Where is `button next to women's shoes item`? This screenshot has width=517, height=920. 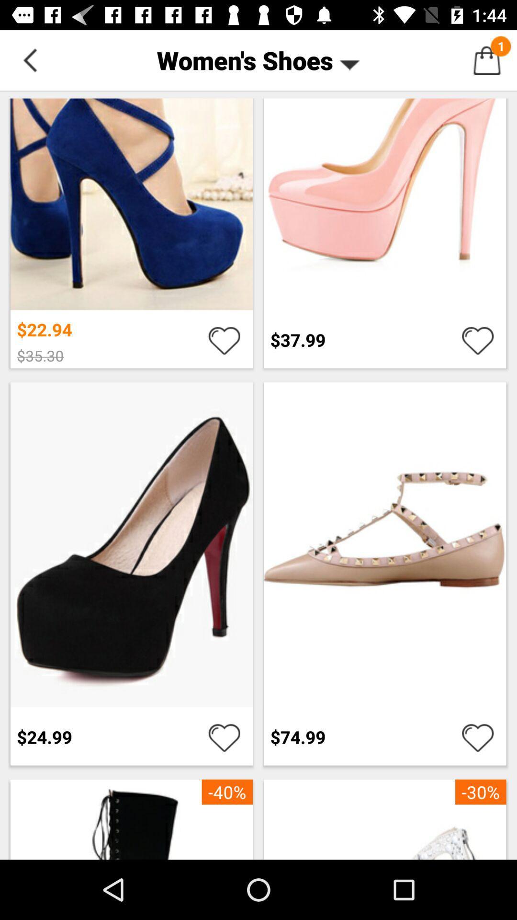
button next to women's shoes item is located at coordinates (29, 59).